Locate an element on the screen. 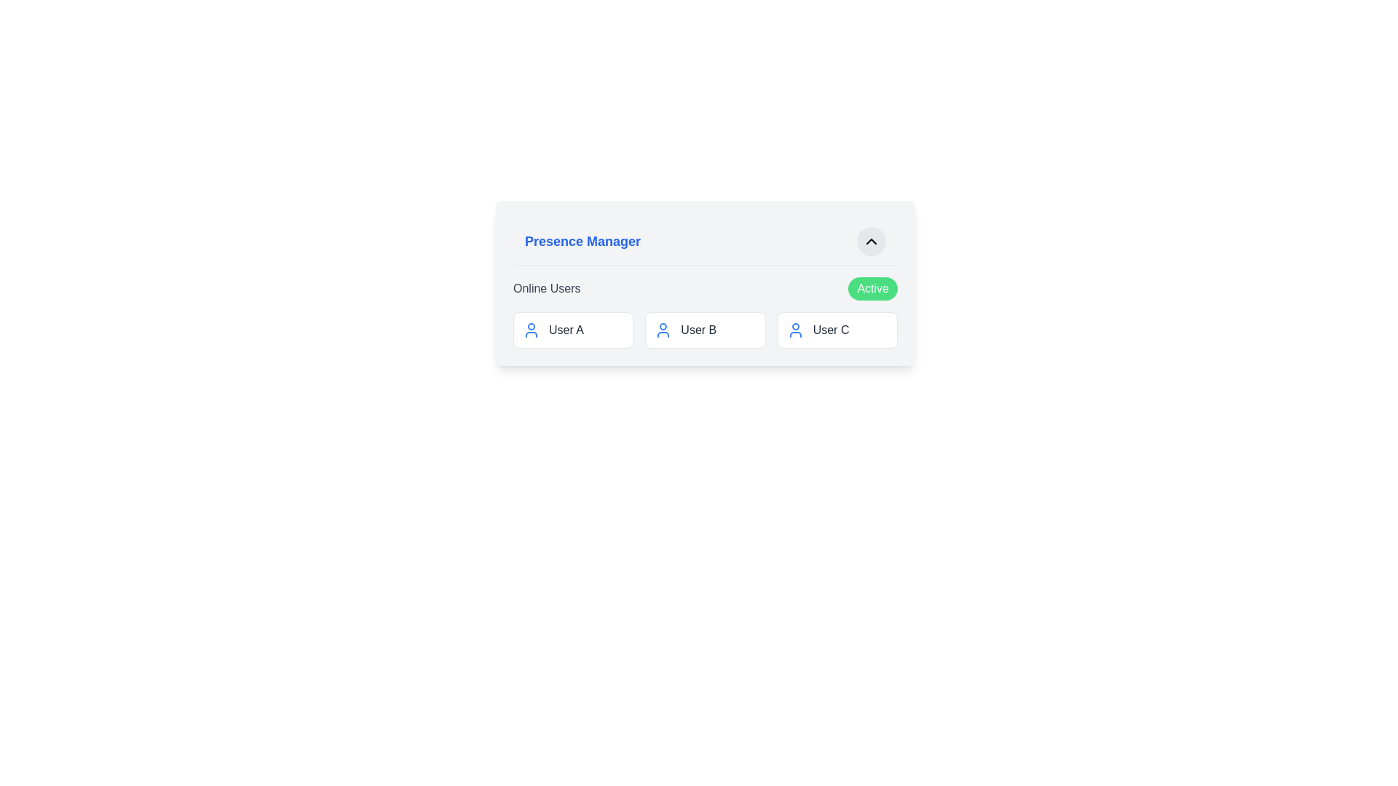 This screenshot has height=786, width=1398. the user information card element located in the second column of a three-column layout, which displays user details including their name and an associated icon is located at coordinates (706, 330).